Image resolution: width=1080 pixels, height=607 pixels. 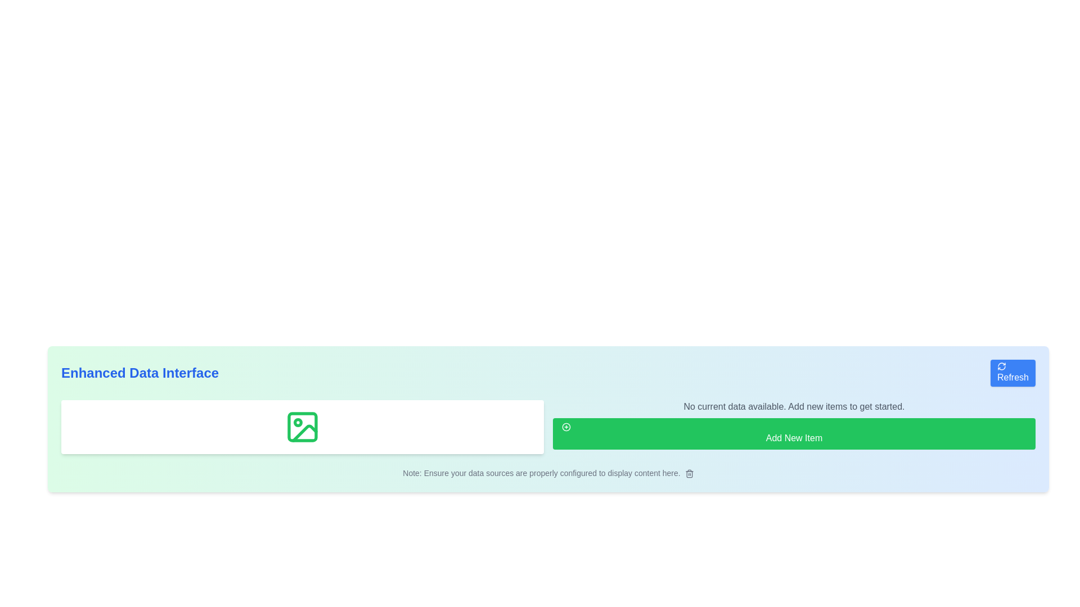 What do you see at coordinates (688, 474) in the screenshot?
I see `the delete action icon located to the far right of the warning text about data source configuration` at bounding box center [688, 474].